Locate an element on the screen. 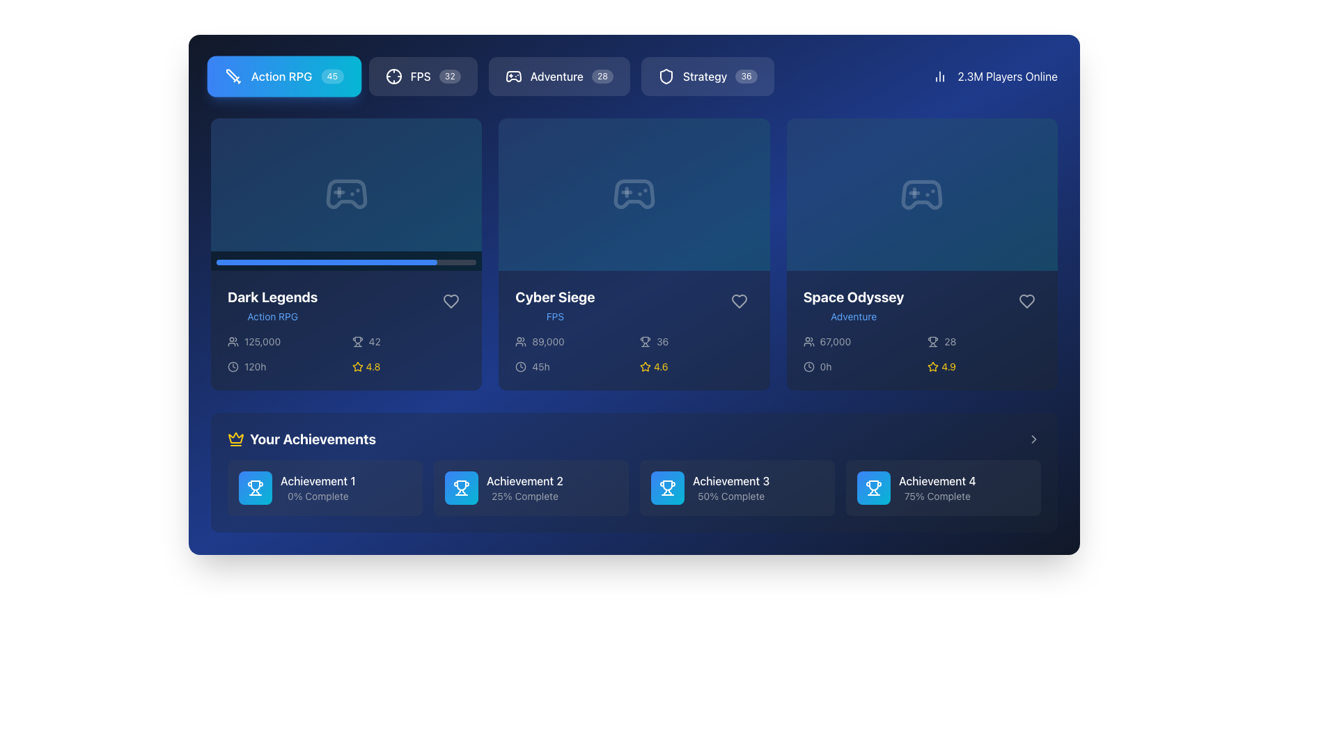  text within the 'Achievement 2' progress indicator, which shows '25% Complete' is located at coordinates (524, 487).